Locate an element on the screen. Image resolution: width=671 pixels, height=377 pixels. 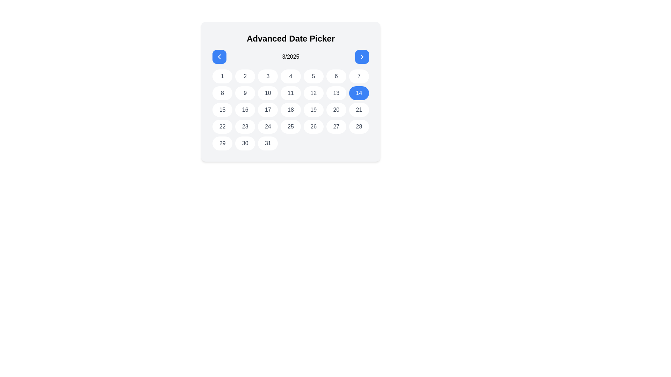
the button representing the 23rd day in the calendar interface is located at coordinates (245, 126).